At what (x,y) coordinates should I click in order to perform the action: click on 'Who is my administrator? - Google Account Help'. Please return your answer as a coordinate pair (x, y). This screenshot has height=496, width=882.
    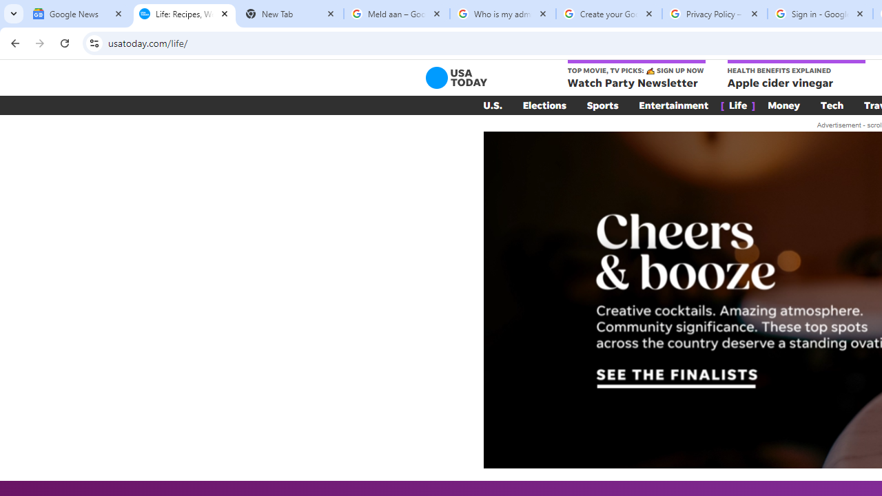
    Looking at the image, I should click on (502, 14).